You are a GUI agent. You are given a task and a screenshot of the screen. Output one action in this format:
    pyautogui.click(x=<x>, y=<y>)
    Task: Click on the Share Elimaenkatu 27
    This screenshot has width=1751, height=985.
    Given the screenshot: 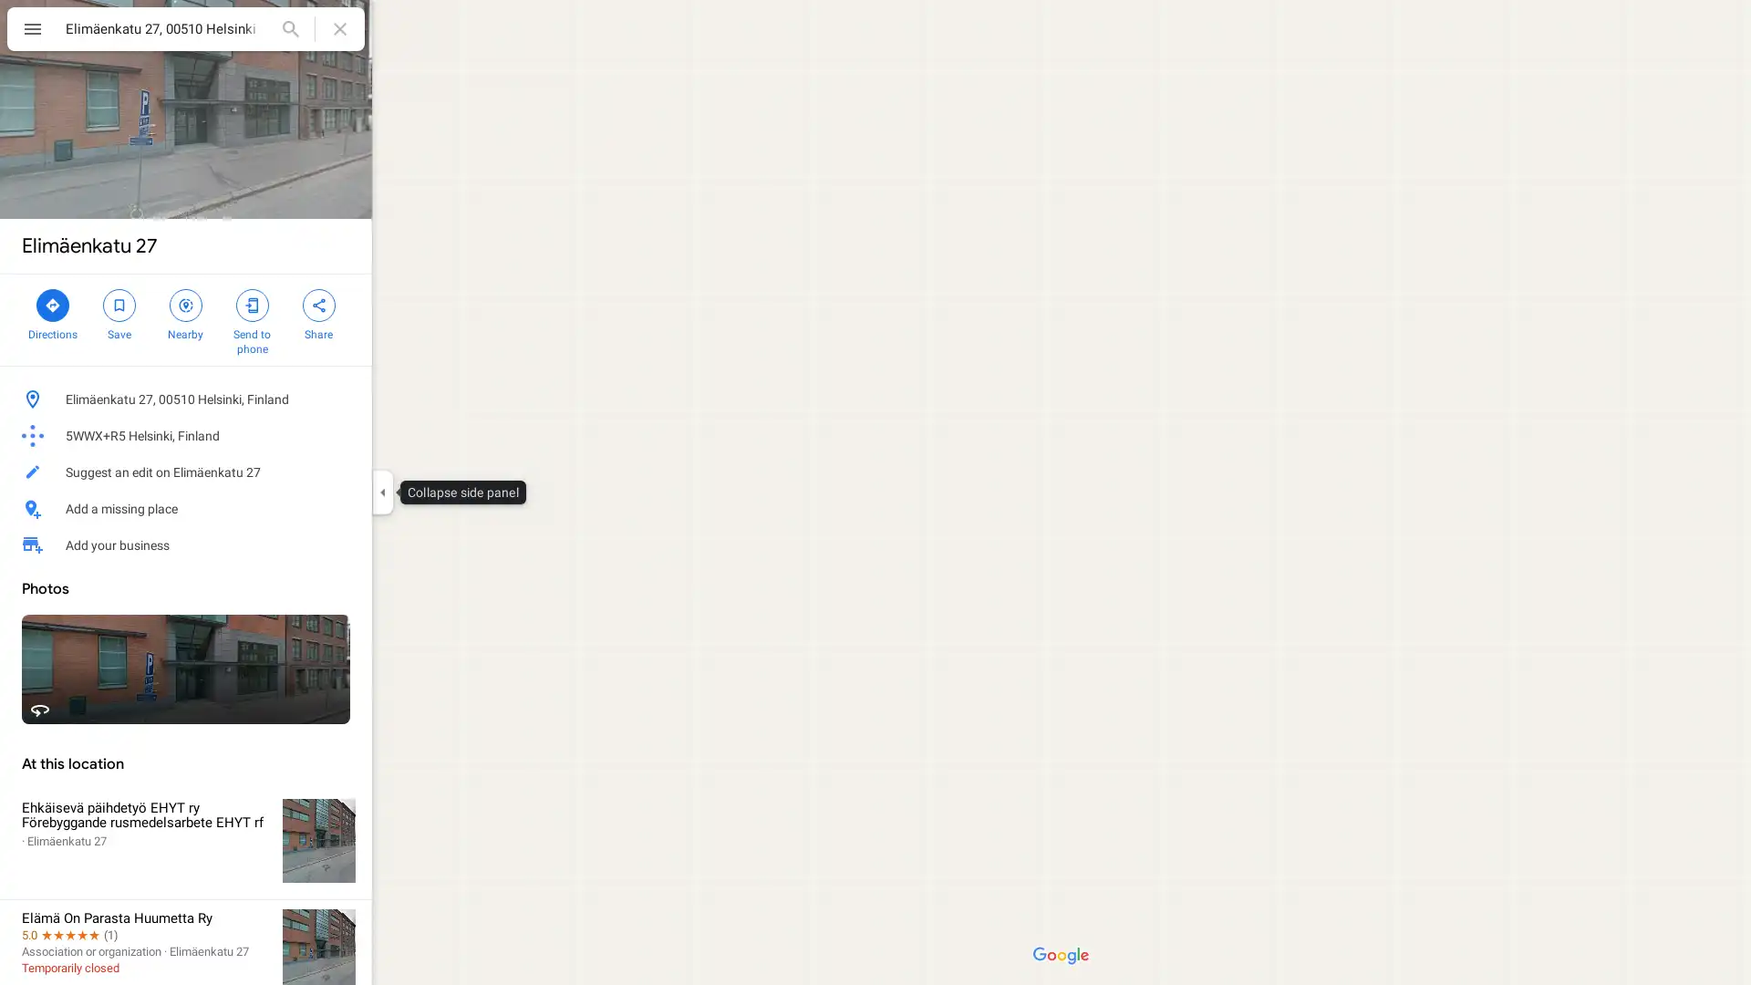 What is the action you would take?
    pyautogui.click(x=318, y=312)
    